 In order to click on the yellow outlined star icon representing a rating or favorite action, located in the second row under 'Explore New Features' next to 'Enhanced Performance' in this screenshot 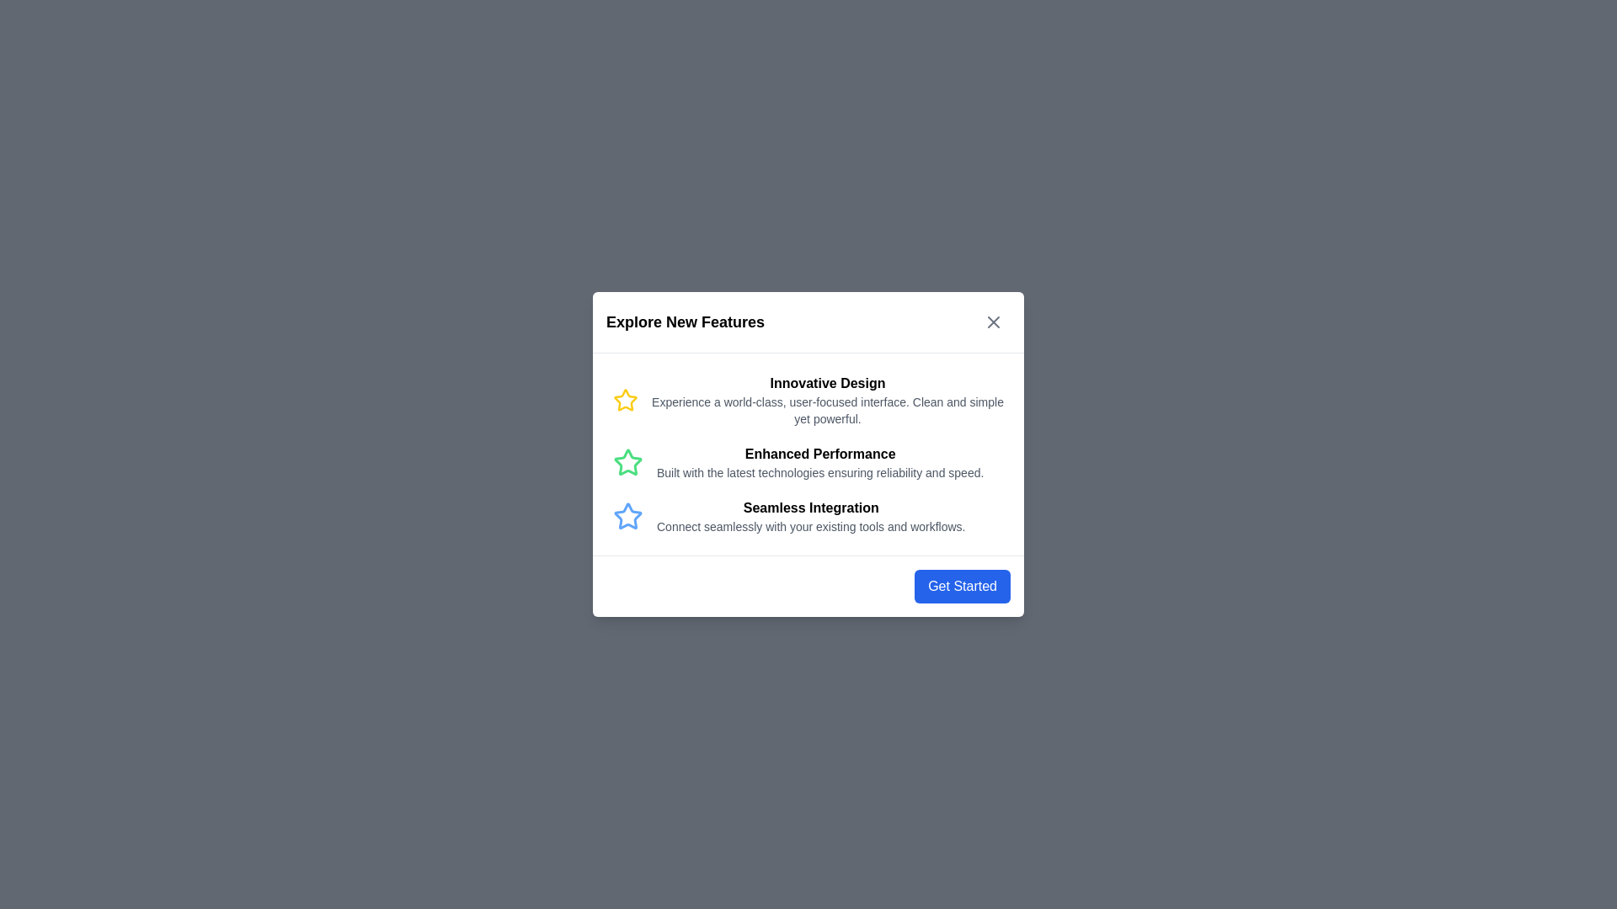, I will do `click(625, 400)`.